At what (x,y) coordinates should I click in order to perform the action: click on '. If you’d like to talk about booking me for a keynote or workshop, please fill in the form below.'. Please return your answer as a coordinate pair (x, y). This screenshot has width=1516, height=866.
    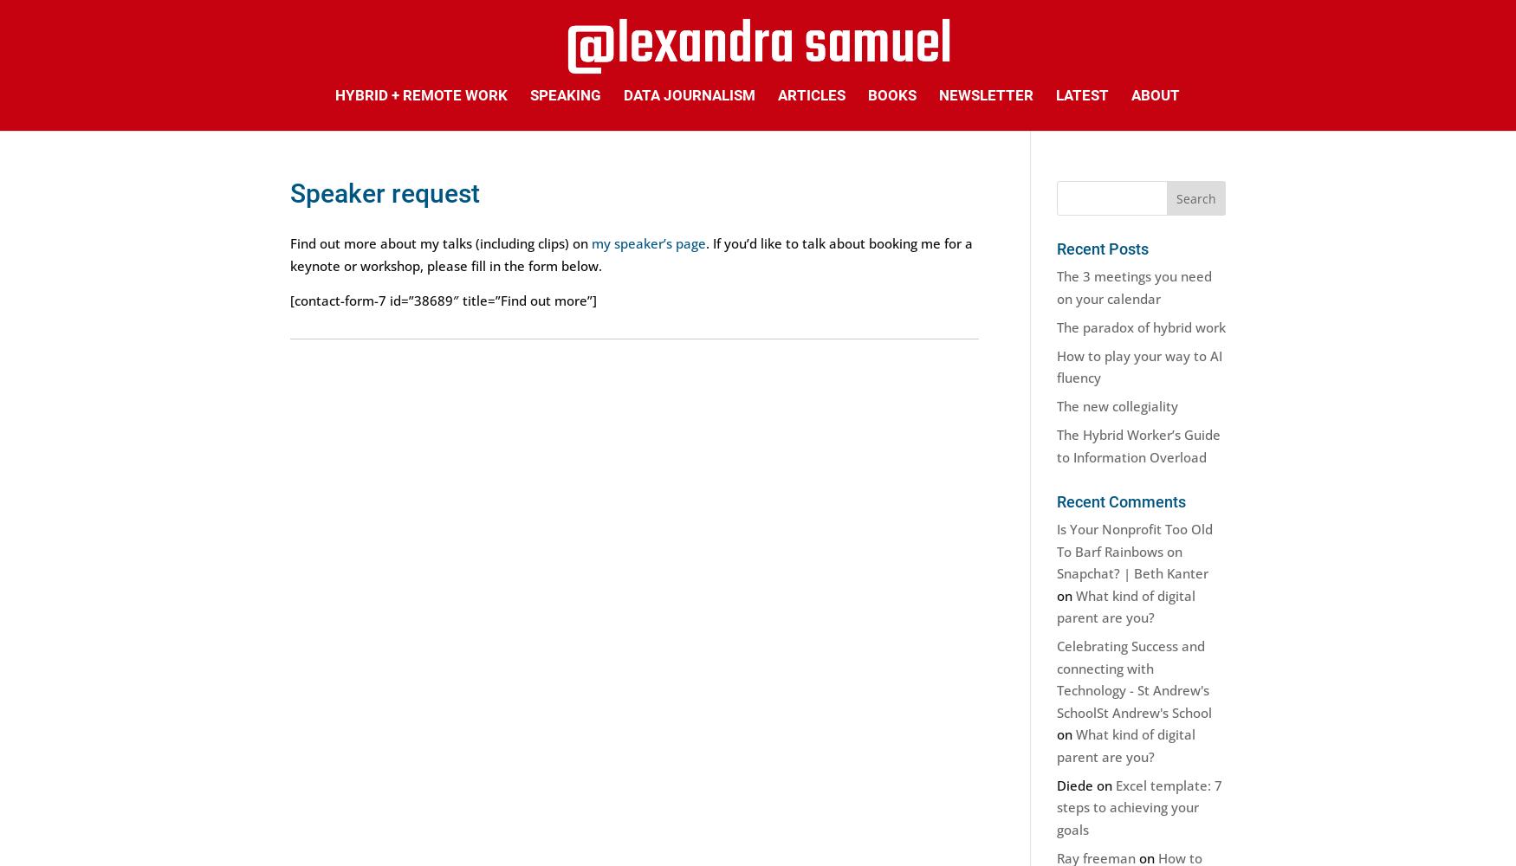
    Looking at the image, I should click on (289, 254).